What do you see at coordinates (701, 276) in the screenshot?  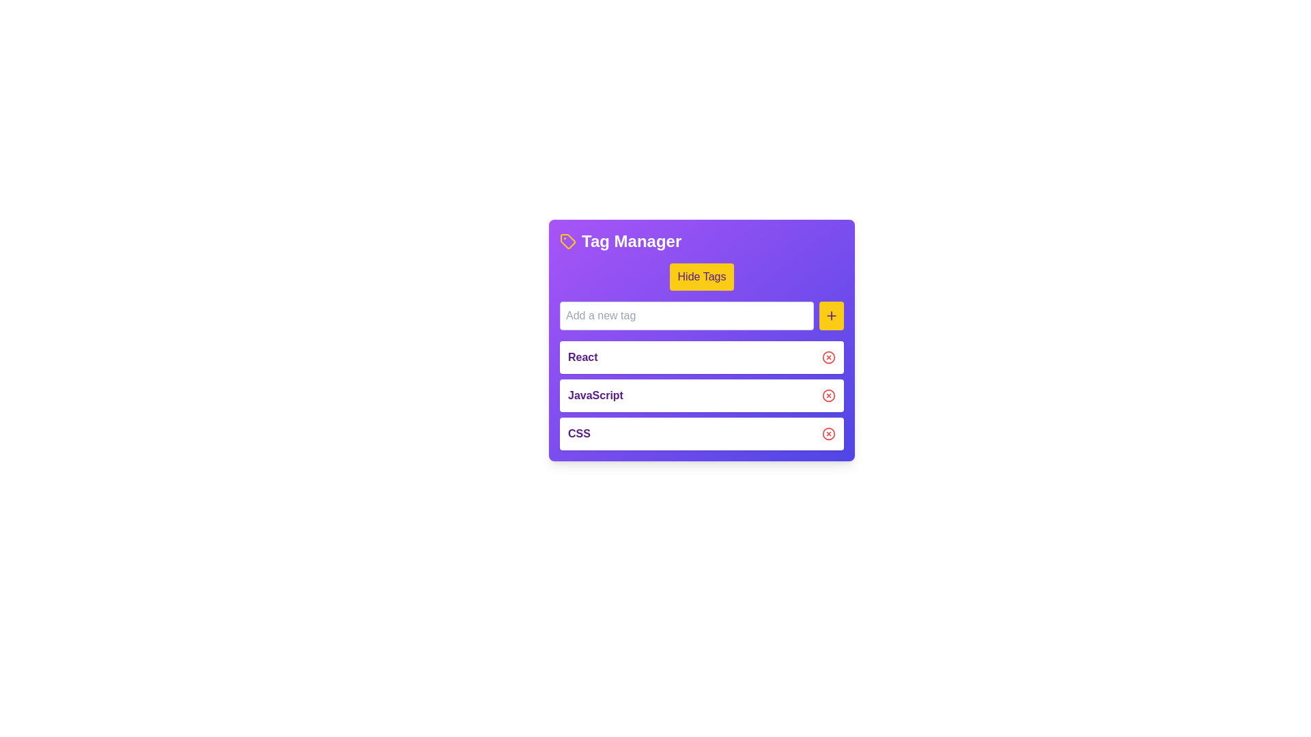 I see `the button located in the top-right section of the 'Tag Manager' purple card to hide the displayed tags` at bounding box center [701, 276].